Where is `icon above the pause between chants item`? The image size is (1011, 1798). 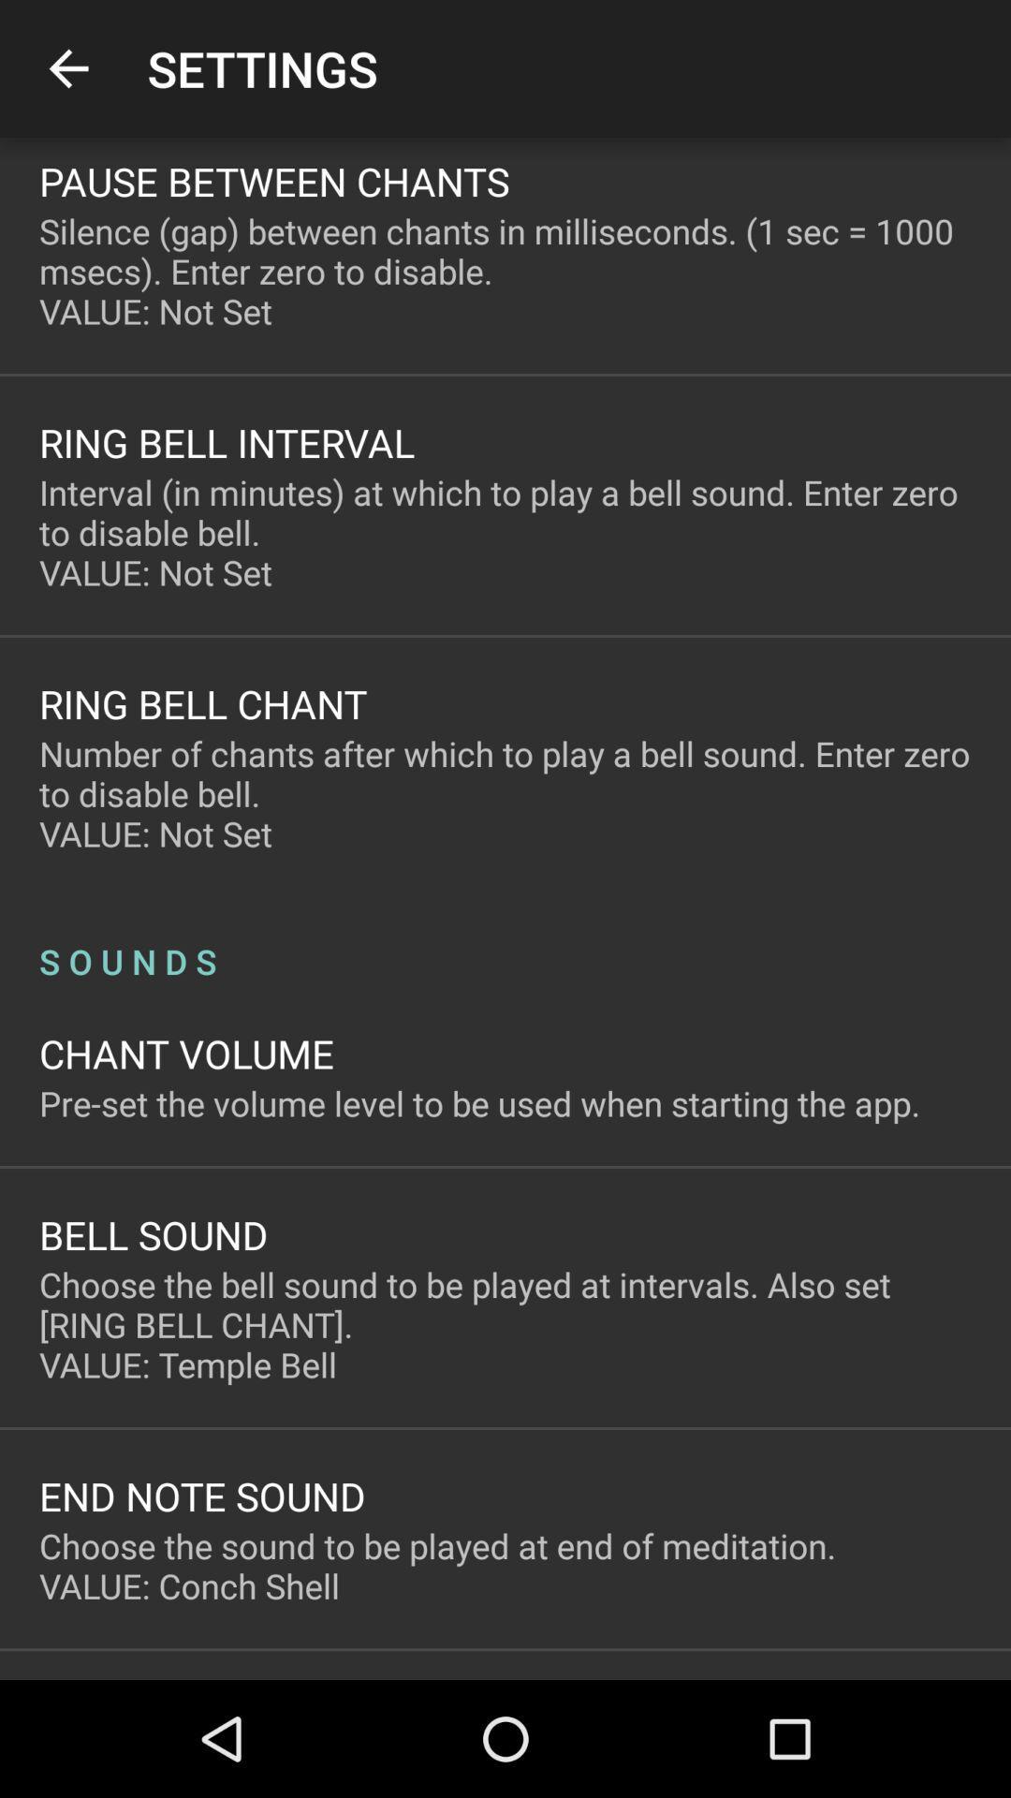
icon above the pause between chants item is located at coordinates (67, 68).